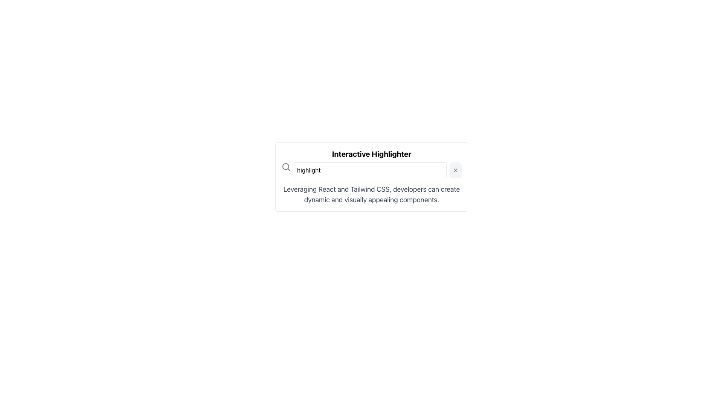 This screenshot has width=723, height=406. I want to click on the small gray 'X' icon, so click(455, 170).